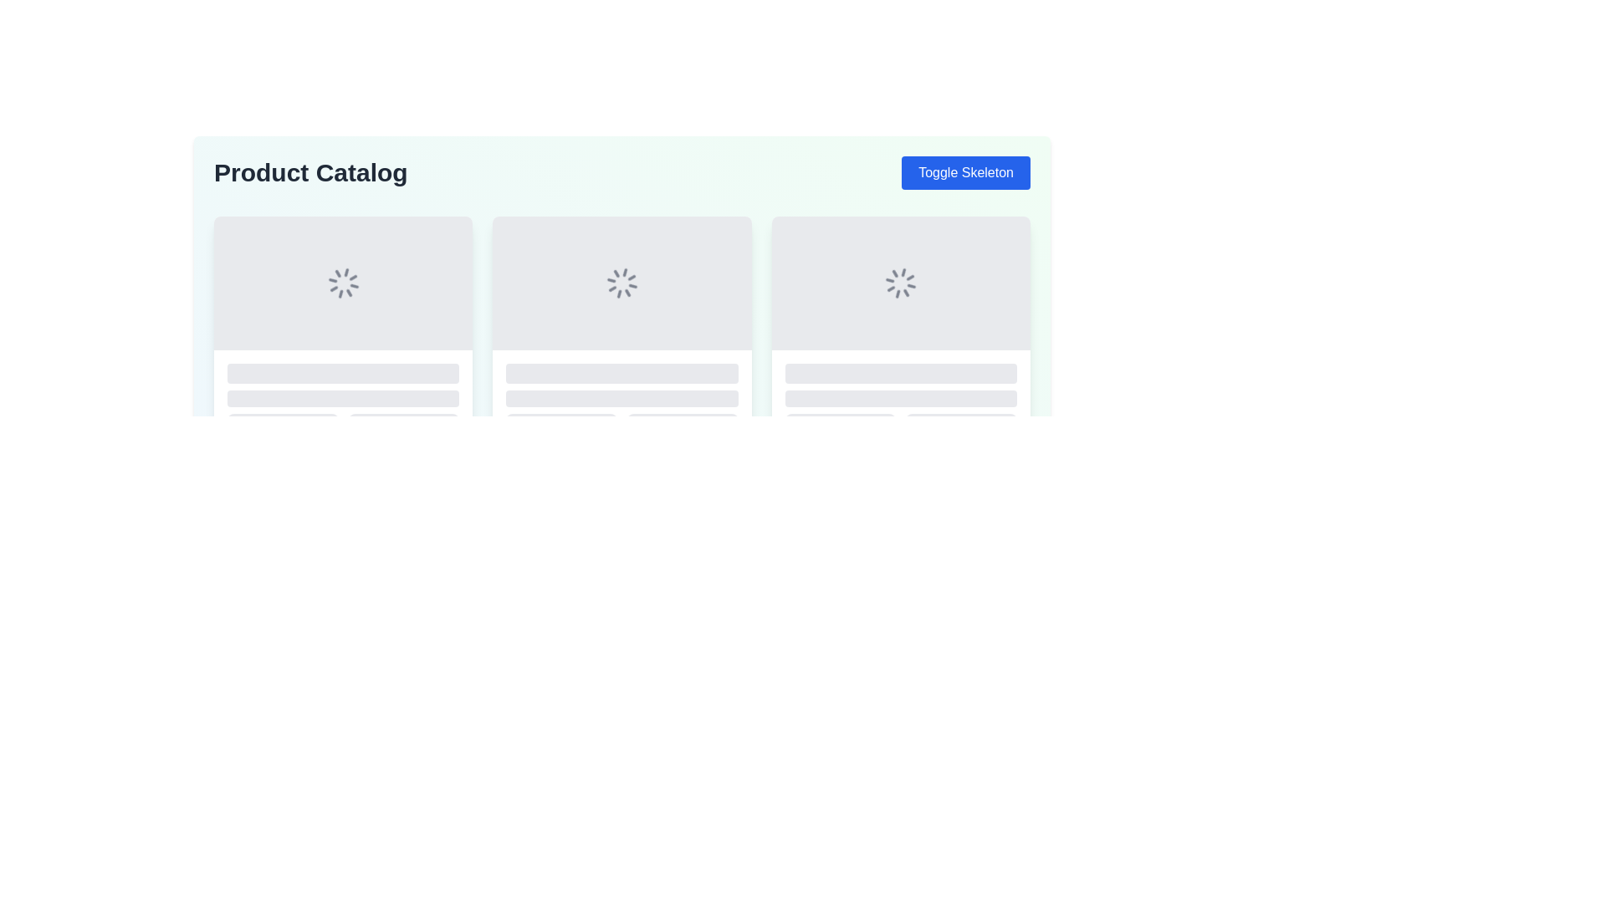 This screenshot has width=1606, height=903. Describe the element at coordinates (621, 283) in the screenshot. I see `the circular spinner icon in the middle card of the three-card layout` at that location.